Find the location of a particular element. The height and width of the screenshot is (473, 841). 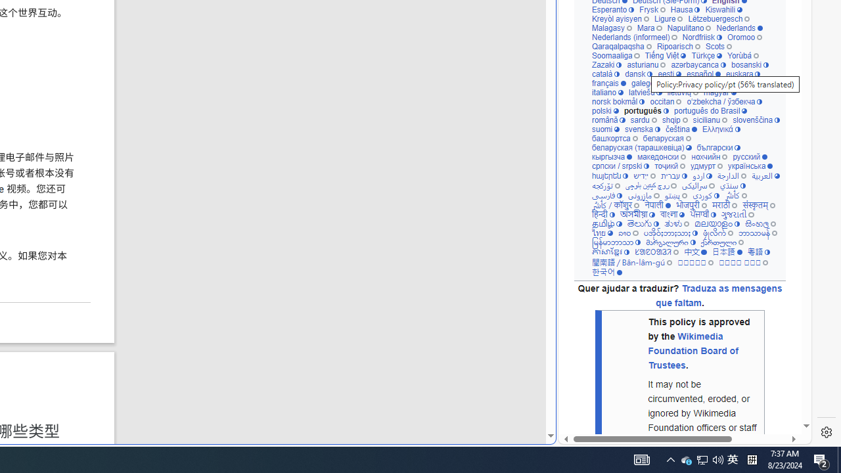

'asturianu' is located at coordinates (646, 64).